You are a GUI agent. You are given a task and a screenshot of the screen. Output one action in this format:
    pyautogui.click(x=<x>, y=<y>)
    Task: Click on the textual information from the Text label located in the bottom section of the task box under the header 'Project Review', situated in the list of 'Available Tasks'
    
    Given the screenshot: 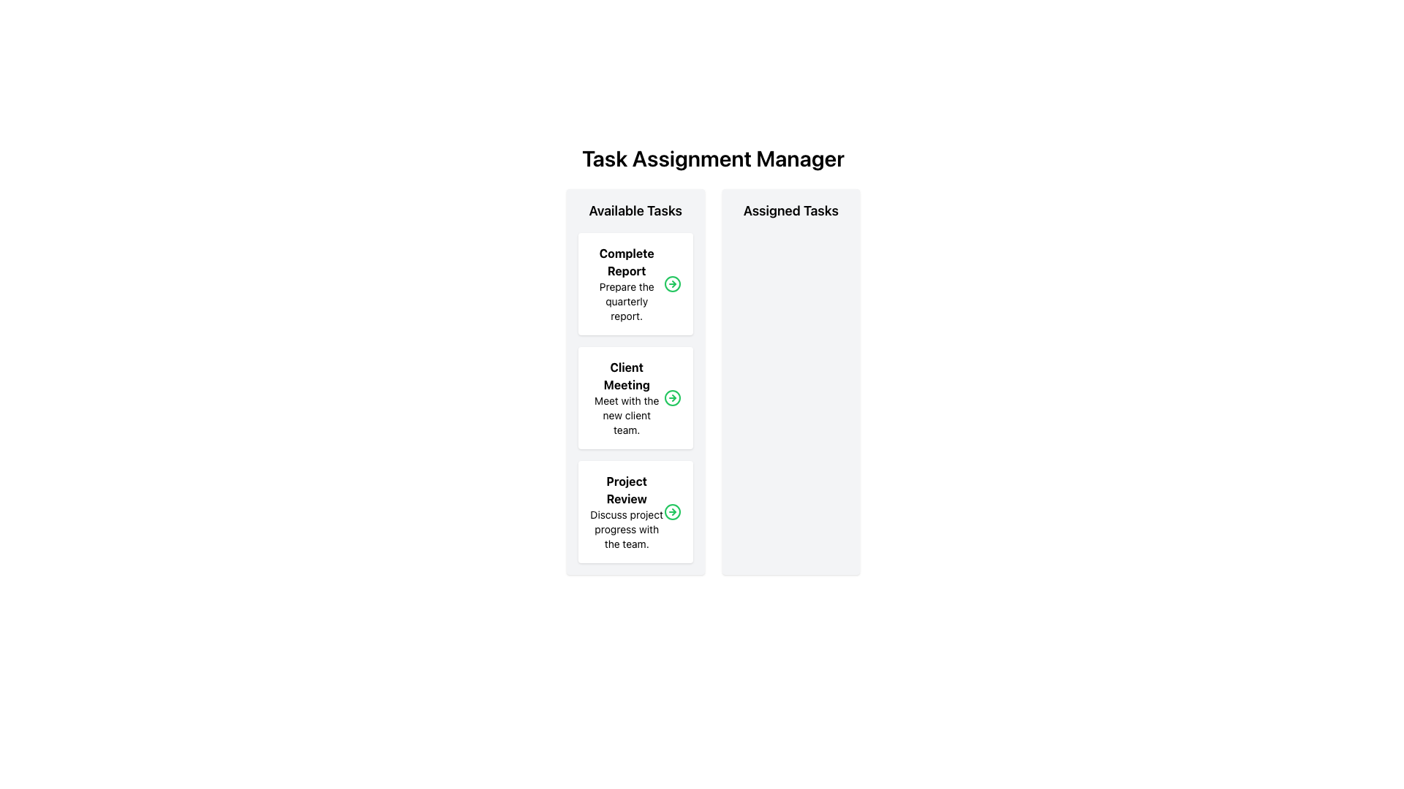 What is the action you would take?
    pyautogui.click(x=627, y=530)
    